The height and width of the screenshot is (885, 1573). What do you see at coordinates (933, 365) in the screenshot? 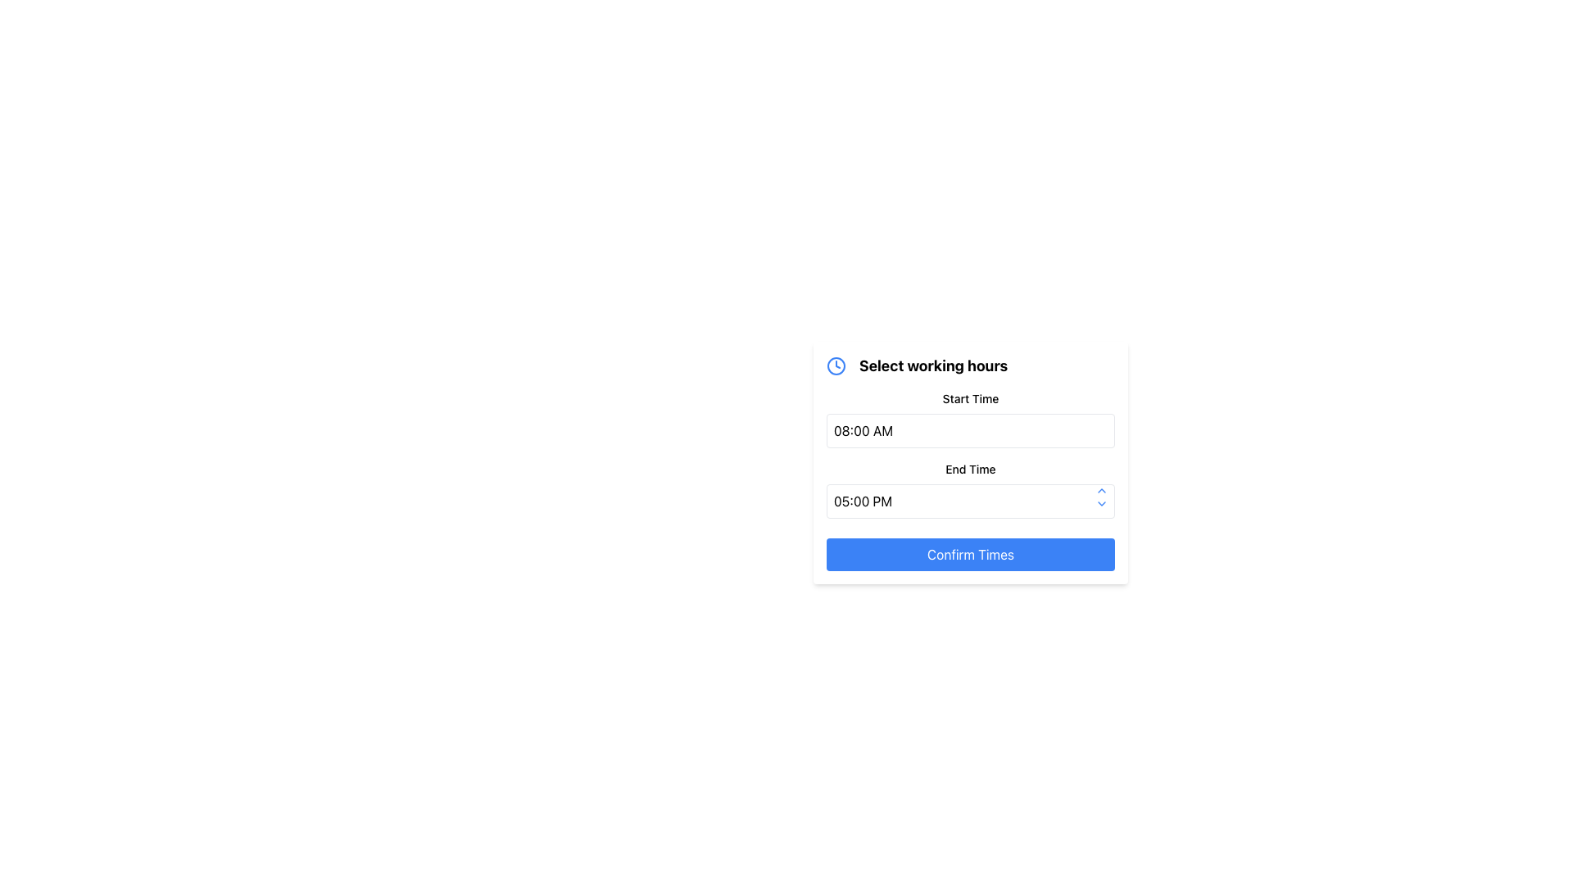
I see `the bold header text 'Select working hours' positioned prominently at the top of the form layout for additional information` at bounding box center [933, 365].